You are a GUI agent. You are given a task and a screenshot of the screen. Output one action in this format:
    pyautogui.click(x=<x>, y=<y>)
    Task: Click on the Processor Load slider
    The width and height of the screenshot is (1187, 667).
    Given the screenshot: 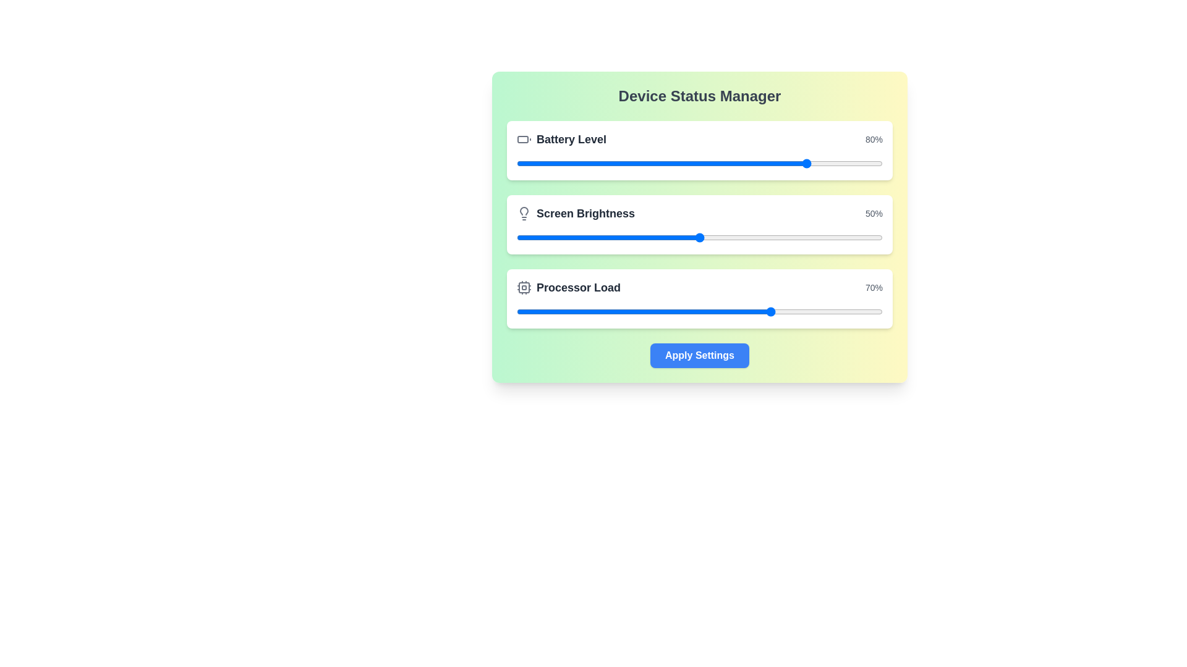 What is the action you would take?
    pyautogui.click(x=615, y=311)
    